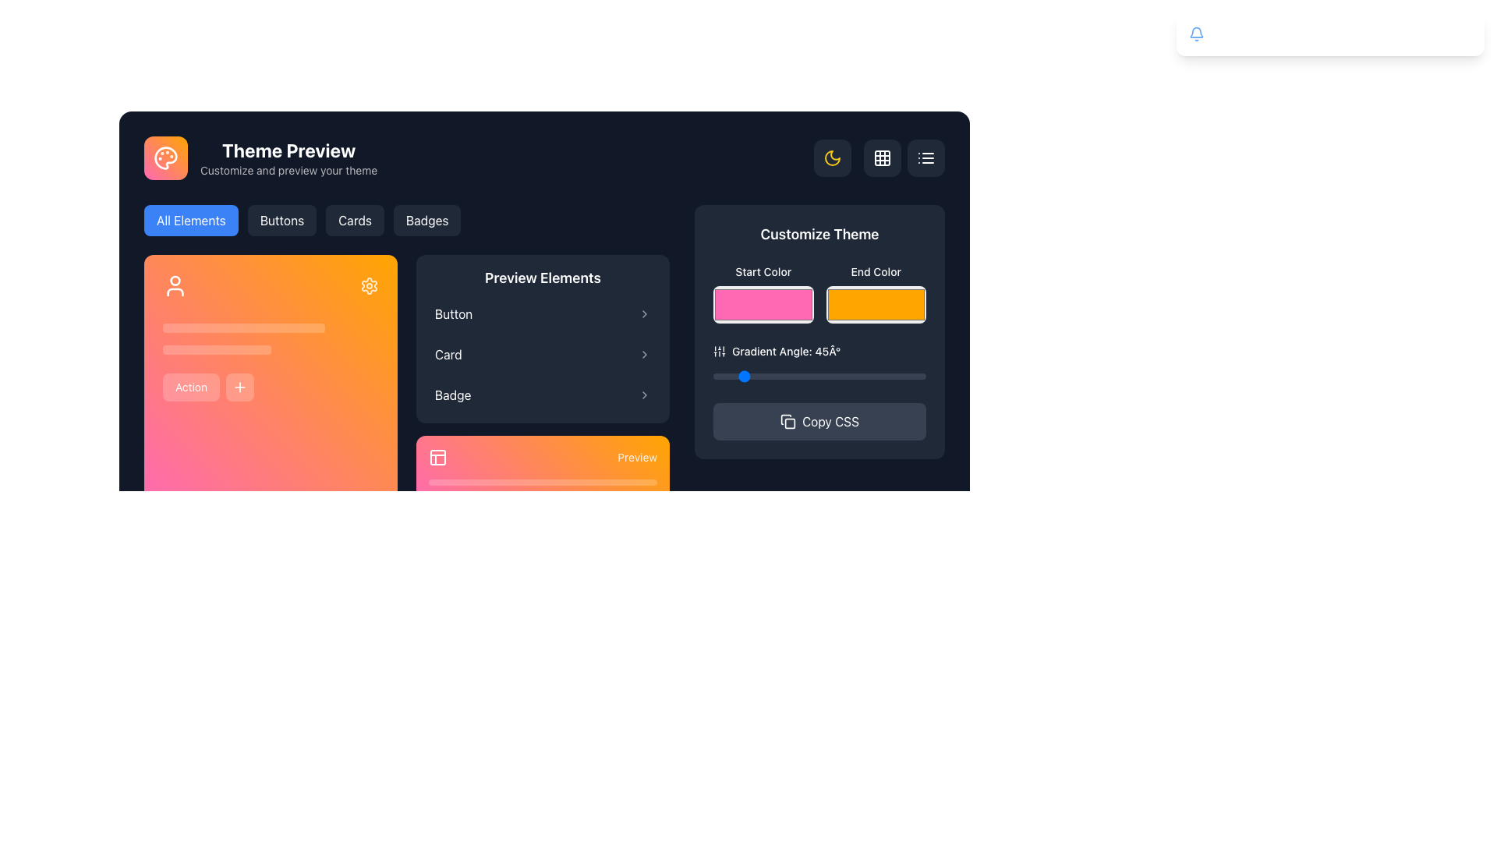  What do you see at coordinates (770, 376) in the screenshot?
I see `the slider value` at bounding box center [770, 376].